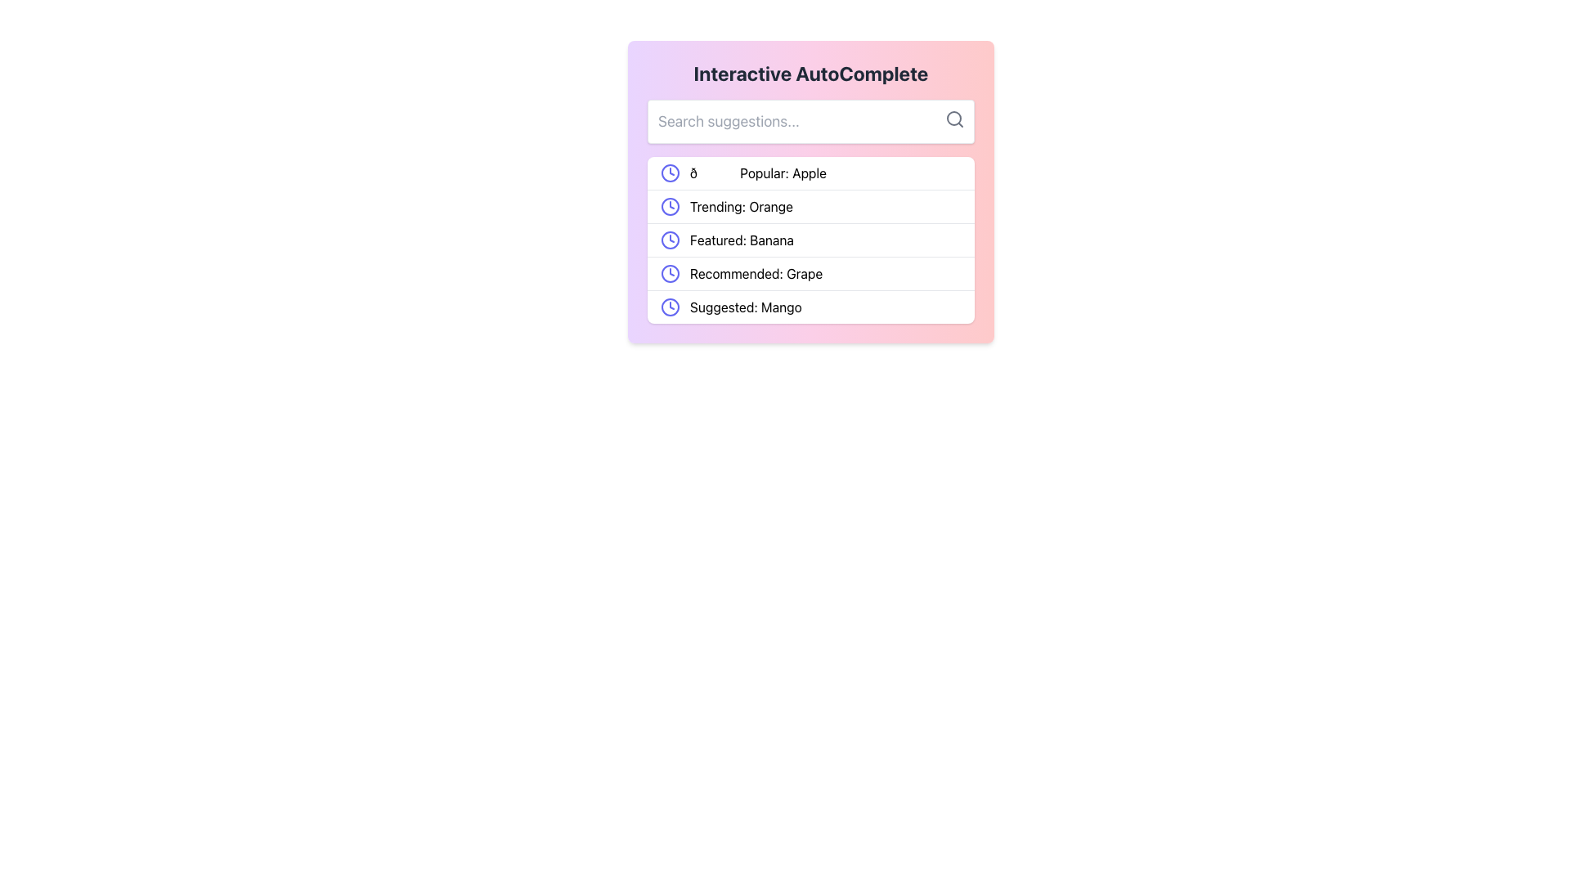 Image resolution: width=1570 pixels, height=883 pixels. I want to click on the suggestion item labeled 'Recommended: Grape' in the fourth row of the suggestions dropdown, so click(811, 272).